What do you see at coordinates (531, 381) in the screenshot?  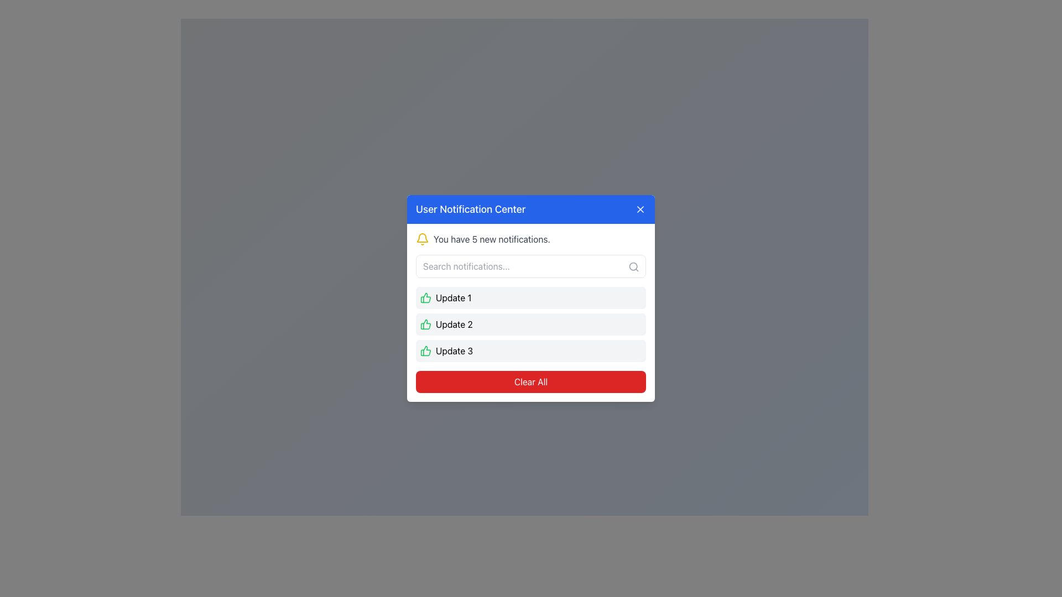 I see `the 'Clear All' button, which is a rectangular button with a red background and white text, located at the bottom of the notification panel` at bounding box center [531, 381].